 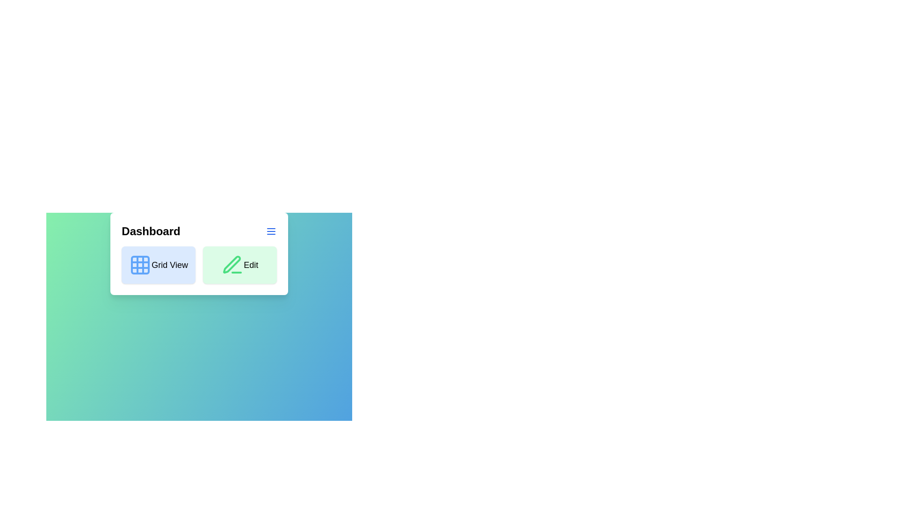 I want to click on the 'Edit' button to select the 'Edit' option, so click(x=239, y=265).